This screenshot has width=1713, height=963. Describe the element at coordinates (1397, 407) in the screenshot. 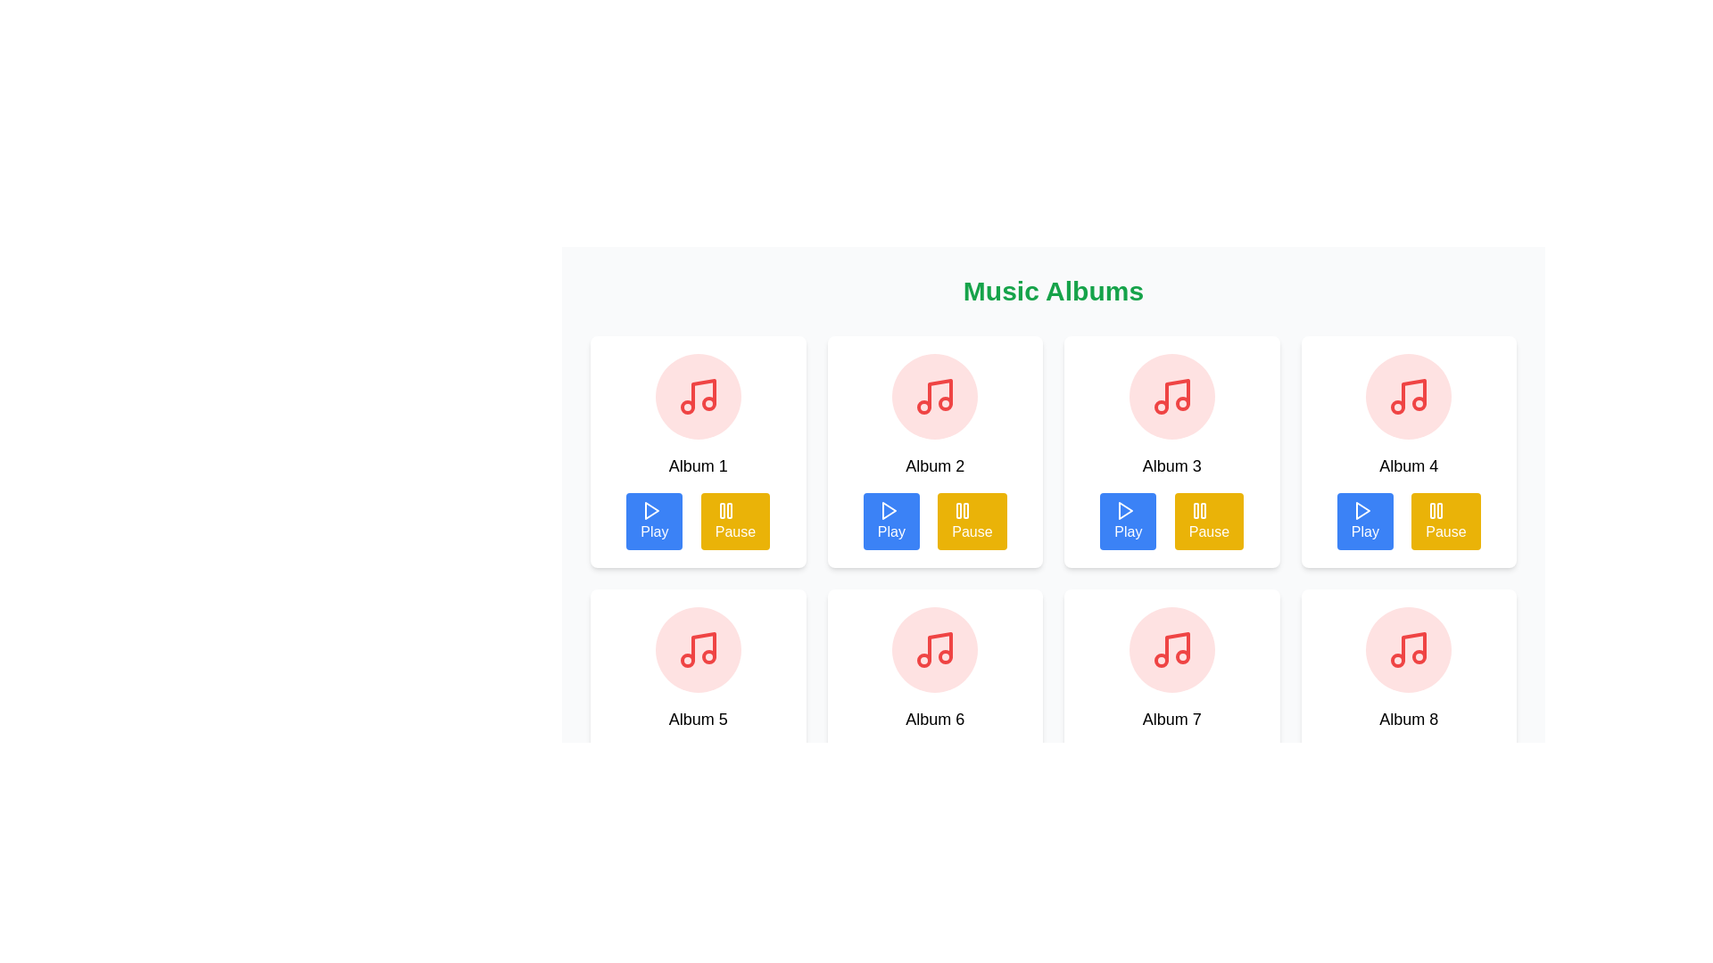

I see `the second circle of the music note icon in the 'Album 4' card, which visually enhances the album card to indicate it is a musical entity` at that location.